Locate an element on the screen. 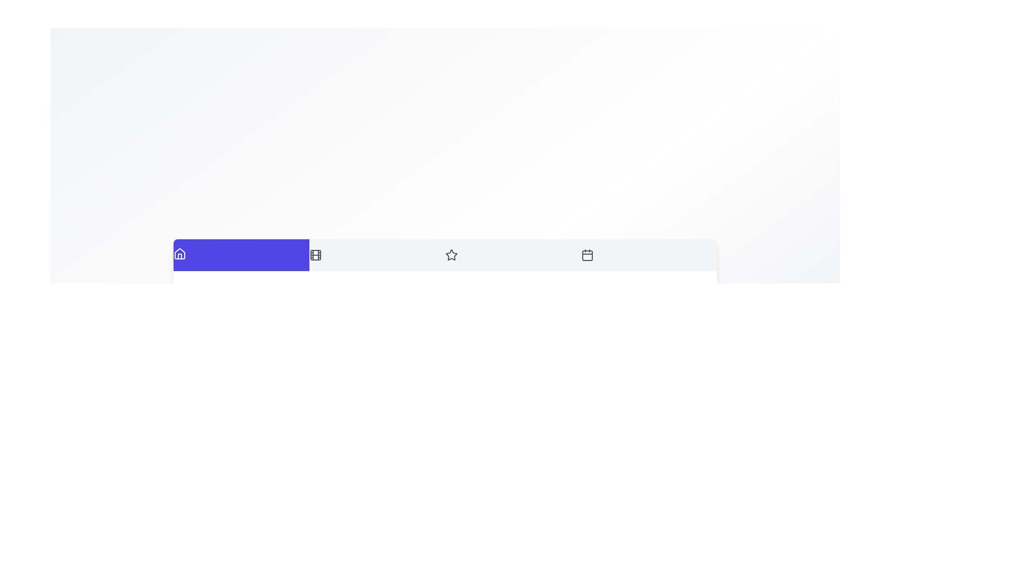 This screenshot has width=1019, height=573. the calendar icon, which is the fourth item in the bottom navigation bar is located at coordinates (587, 255).